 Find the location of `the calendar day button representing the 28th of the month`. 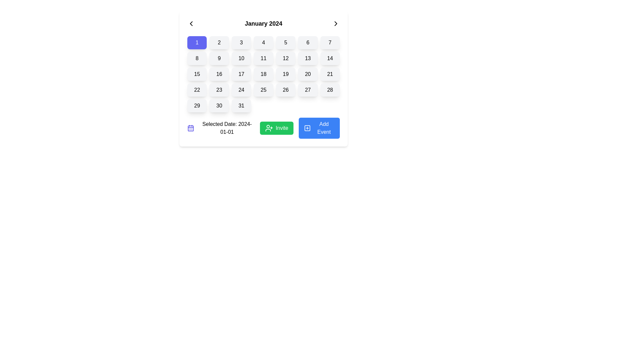

the calendar day button representing the 28th of the month is located at coordinates (330, 90).